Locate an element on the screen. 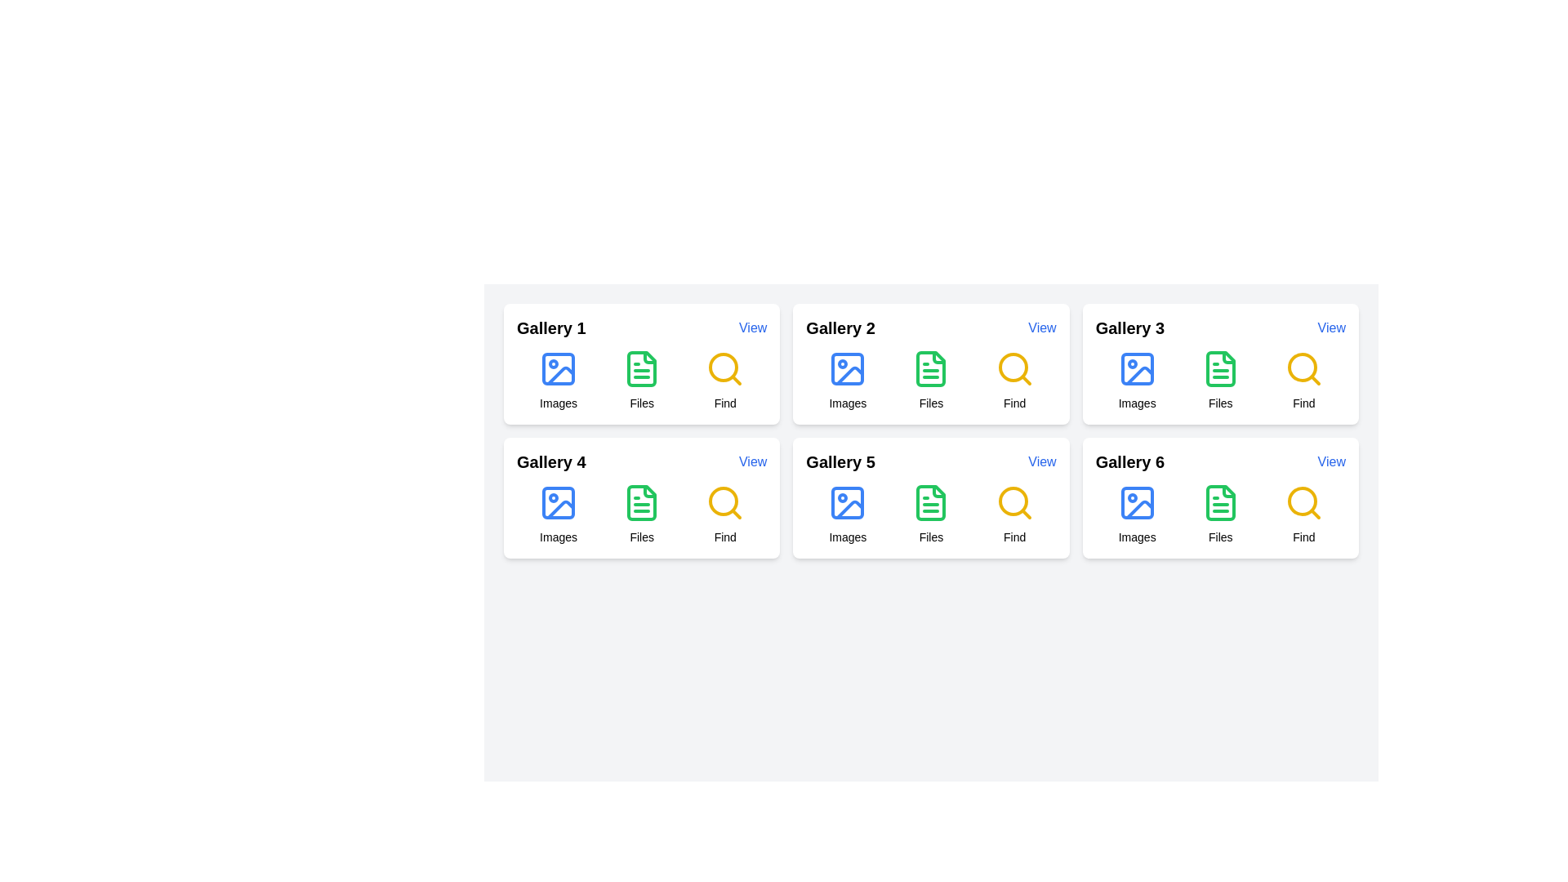 The width and height of the screenshot is (1568, 882). the 'Images' icon with text label in the 'Gallery 1' panel for keyboard navigation is located at coordinates (559, 381).